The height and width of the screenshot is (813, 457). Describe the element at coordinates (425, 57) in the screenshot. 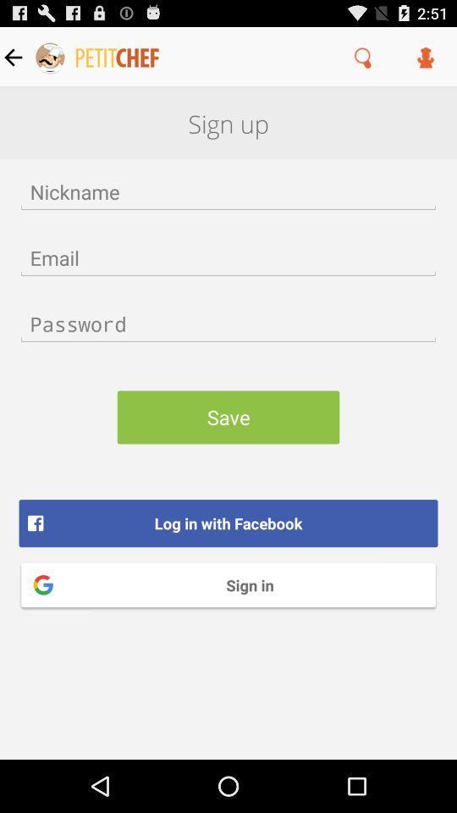

I see `the item above sign up item` at that location.